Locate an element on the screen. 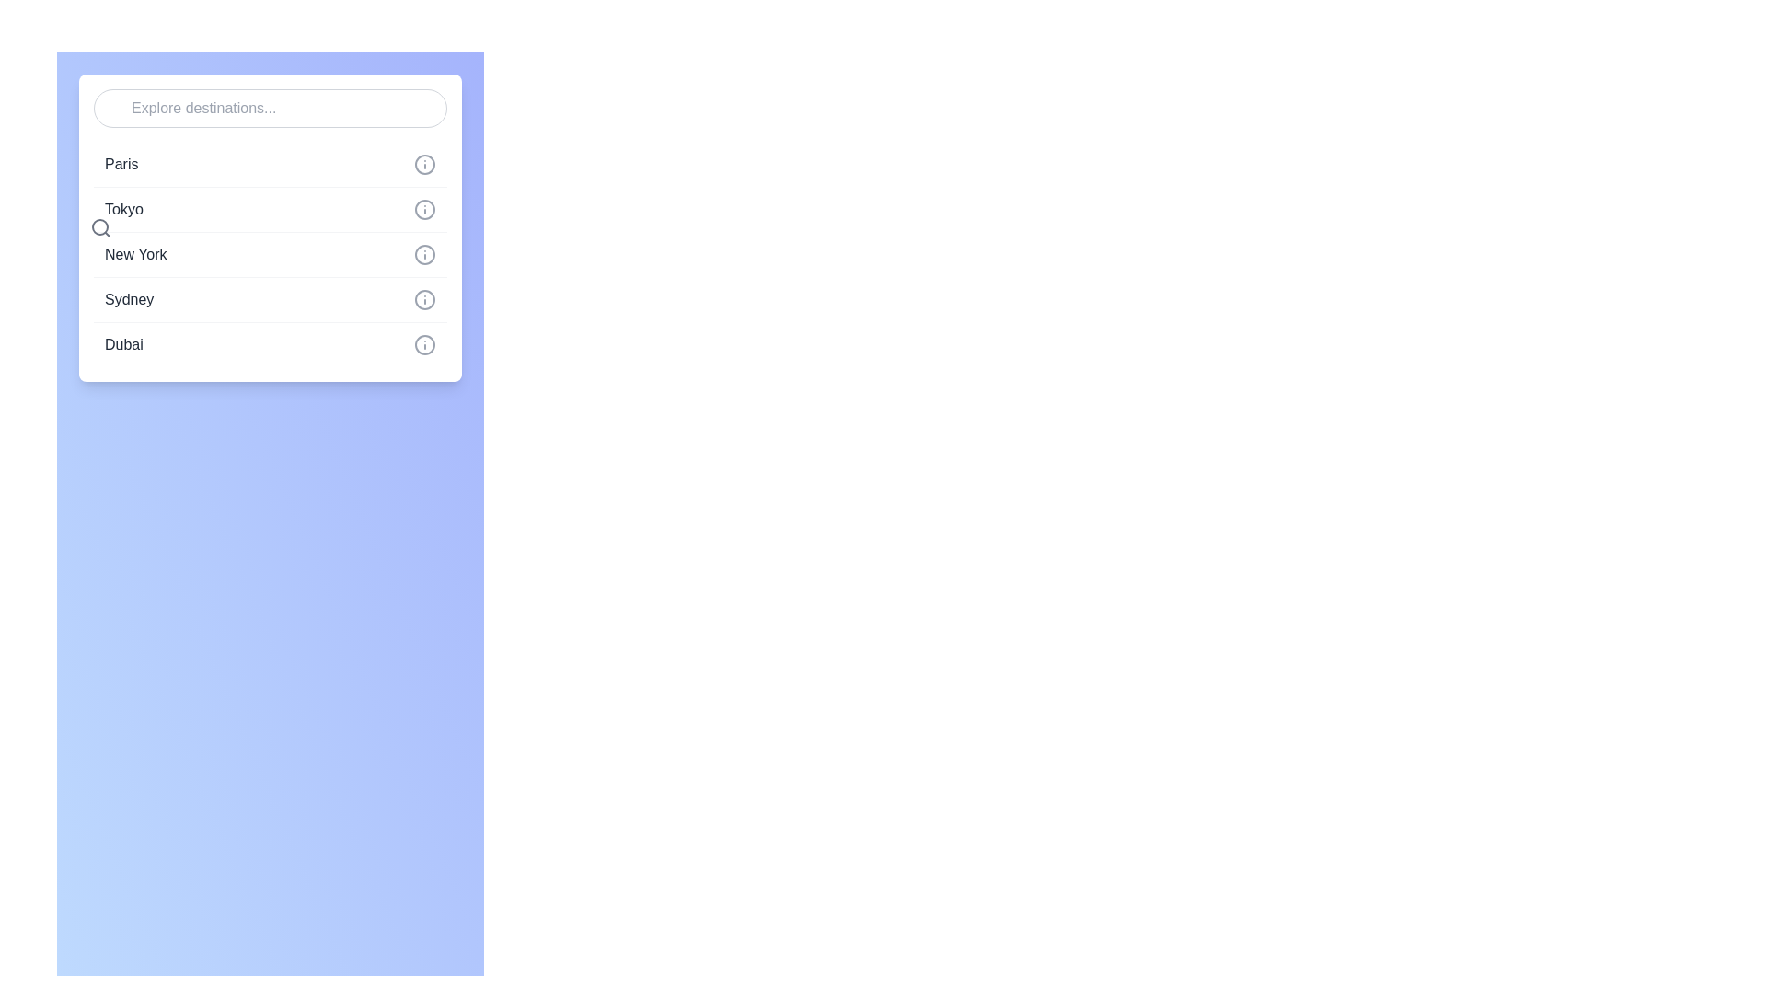  the interactive icon for 'Dubai' located in the last row under 'Explore destinations...' is located at coordinates (423, 344).